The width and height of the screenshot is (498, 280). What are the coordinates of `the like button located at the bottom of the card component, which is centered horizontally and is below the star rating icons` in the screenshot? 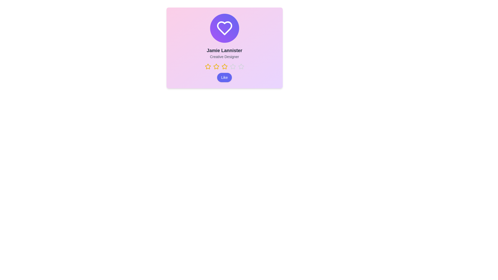 It's located at (224, 78).